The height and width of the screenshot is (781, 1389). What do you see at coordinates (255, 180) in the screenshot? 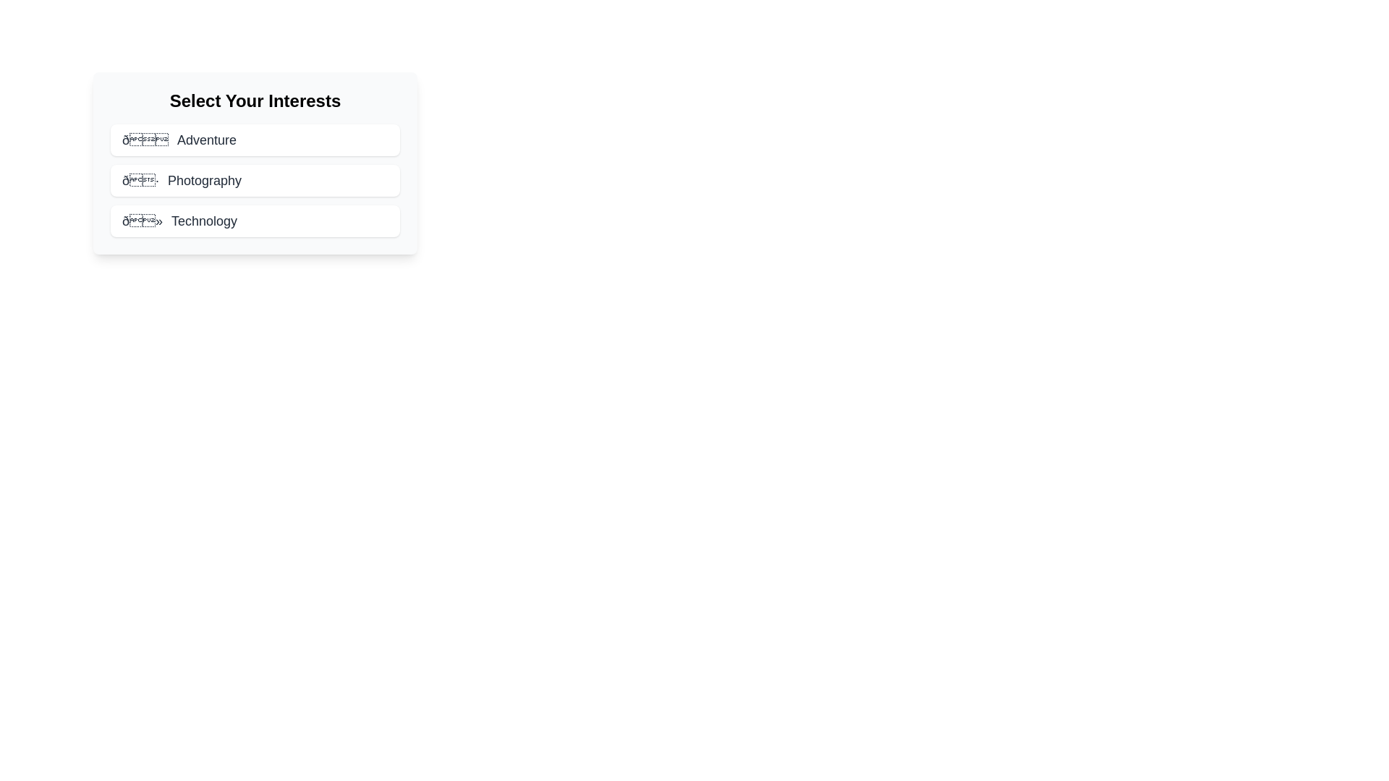
I see `the tag Photography` at bounding box center [255, 180].